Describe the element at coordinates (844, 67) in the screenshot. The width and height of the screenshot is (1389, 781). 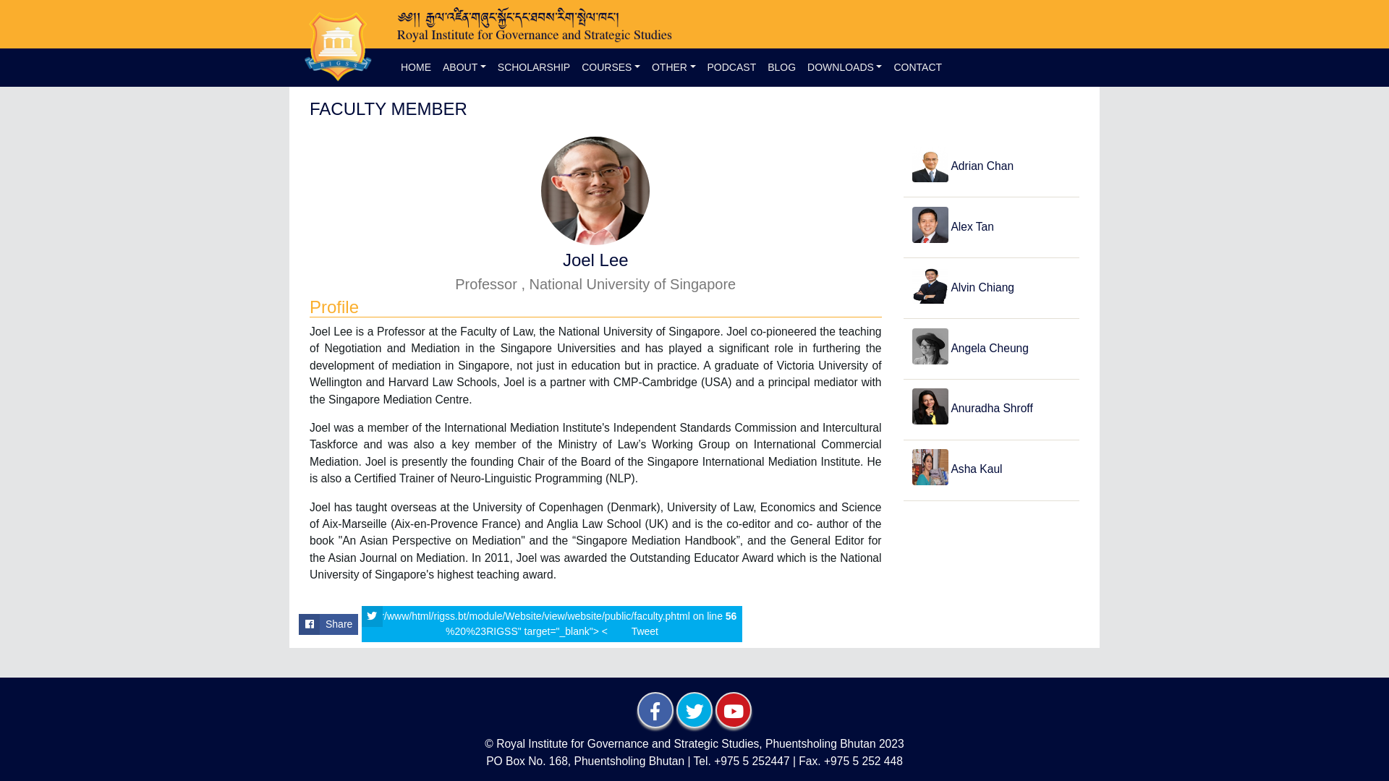
I see `'DOWNLOADS'` at that location.